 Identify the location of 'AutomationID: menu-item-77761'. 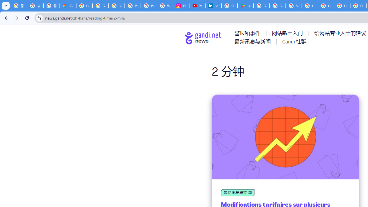
(248, 33).